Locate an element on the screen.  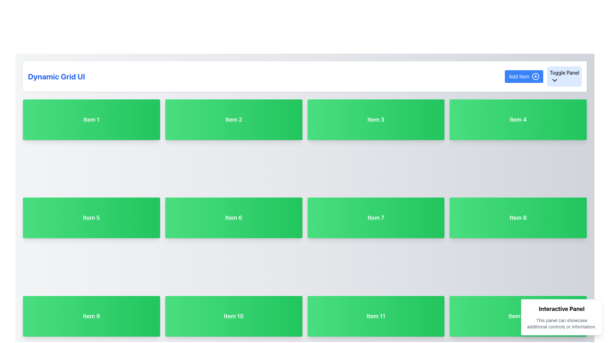
the fourth item is located at coordinates (518, 120).